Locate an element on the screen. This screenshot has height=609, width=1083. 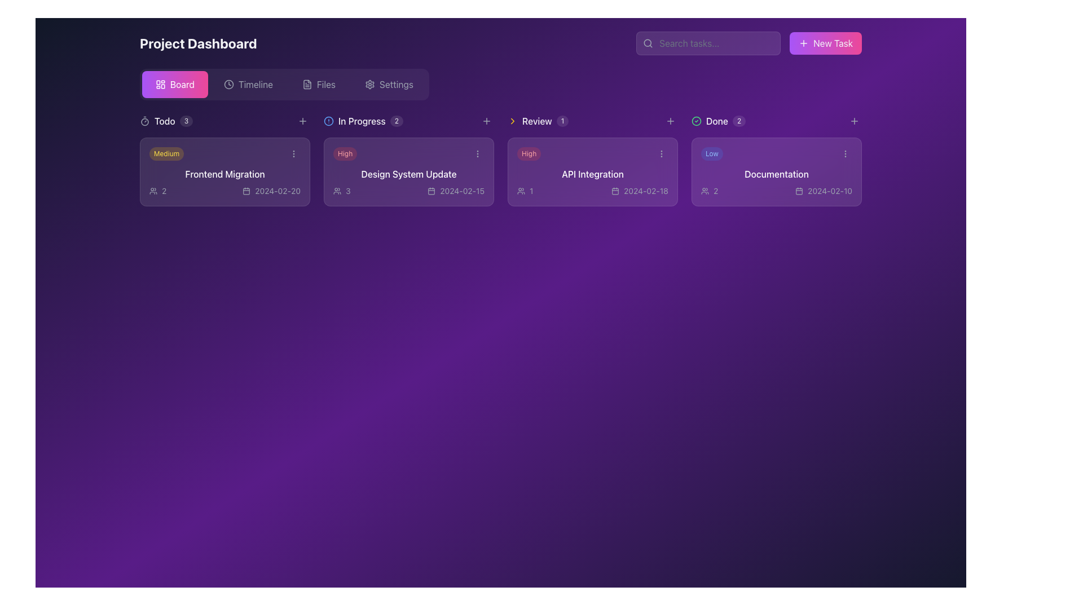
the badge or label indicating the number of items or tasks in the 'Todo' section, located to the right of the 'Todo' text and aligned with a timer icon is located at coordinates (186, 121).